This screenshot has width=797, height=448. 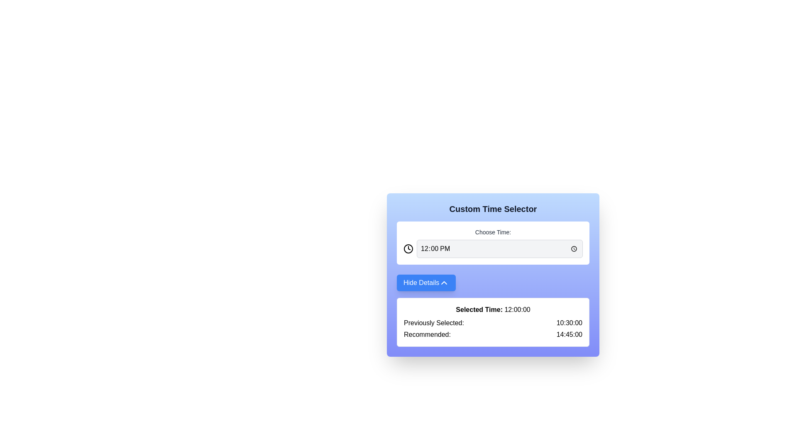 What do you see at coordinates (493, 243) in the screenshot?
I see `the time selection field located in the 'Custom Time Selector' panel, which is visually contained in a white background block and positioned above the 'Hide Details' button` at bounding box center [493, 243].